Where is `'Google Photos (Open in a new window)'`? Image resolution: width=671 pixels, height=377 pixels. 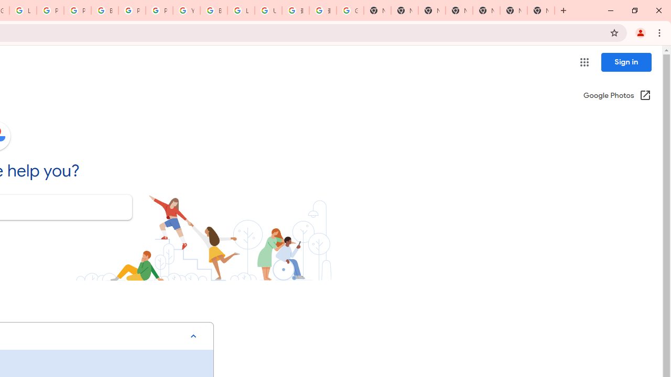
'Google Photos (Open in a new window)' is located at coordinates (617, 96).